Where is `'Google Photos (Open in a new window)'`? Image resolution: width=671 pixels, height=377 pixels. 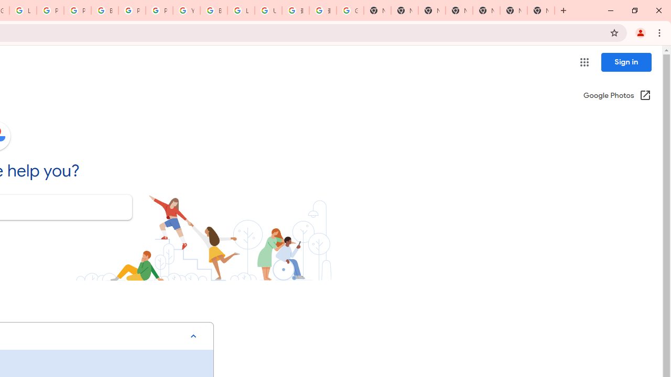
'Google Photos (Open in a new window)' is located at coordinates (617, 96).